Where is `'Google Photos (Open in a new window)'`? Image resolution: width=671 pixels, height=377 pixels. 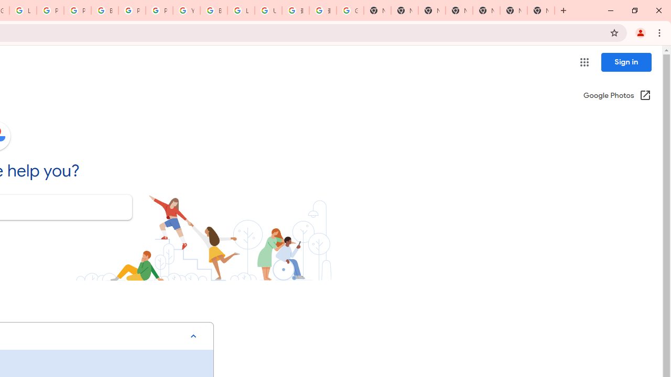
'Google Photos (Open in a new window)' is located at coordinates (617, 96).